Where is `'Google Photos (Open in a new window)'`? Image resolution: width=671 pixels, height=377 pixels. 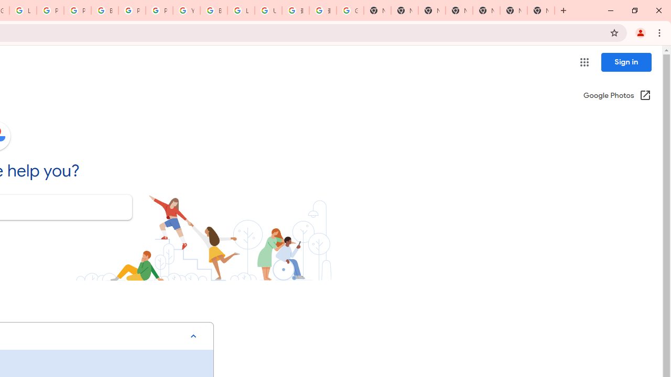
'Google Photos (Open in a new window)' is located at coordinates (617, 96).